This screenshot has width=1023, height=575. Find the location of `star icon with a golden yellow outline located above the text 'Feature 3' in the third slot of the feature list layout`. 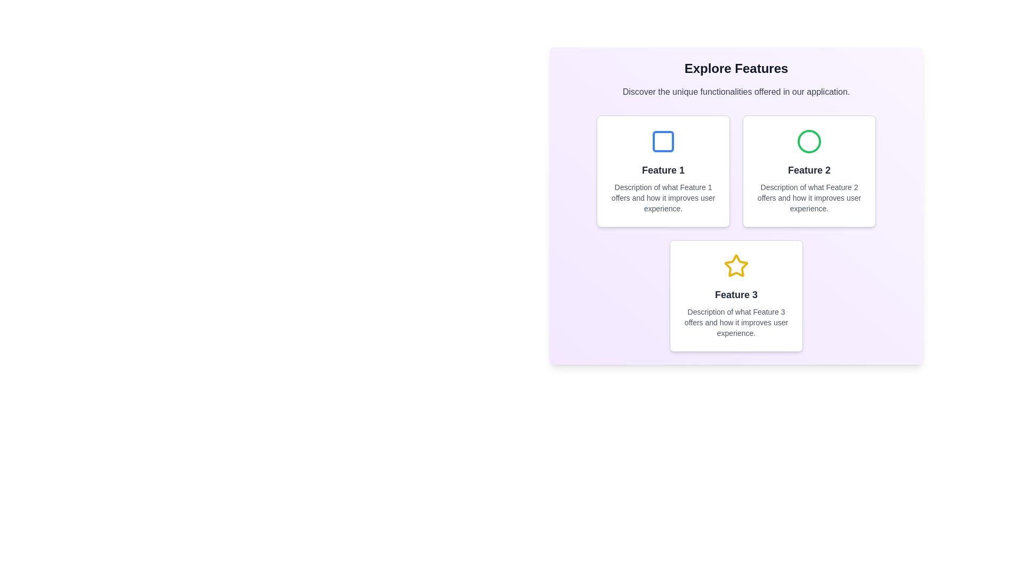

star icon with a golden yellow outline located above the text 'Feature 3' in the third slot of the feature list layout is located at coordinates (736, 266).